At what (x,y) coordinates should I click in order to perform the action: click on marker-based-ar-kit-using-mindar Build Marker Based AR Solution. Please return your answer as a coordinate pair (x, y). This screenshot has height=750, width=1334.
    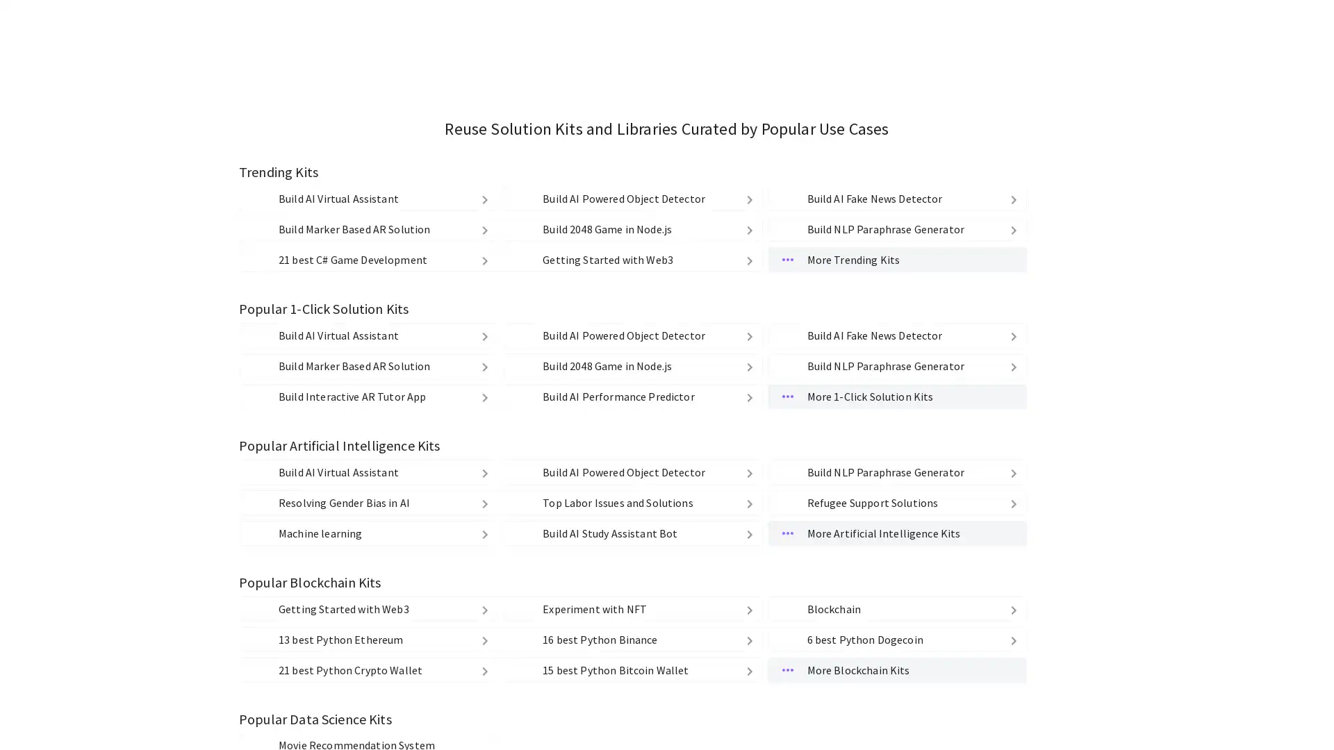
    Looking at the image, I should click on (368, 578).